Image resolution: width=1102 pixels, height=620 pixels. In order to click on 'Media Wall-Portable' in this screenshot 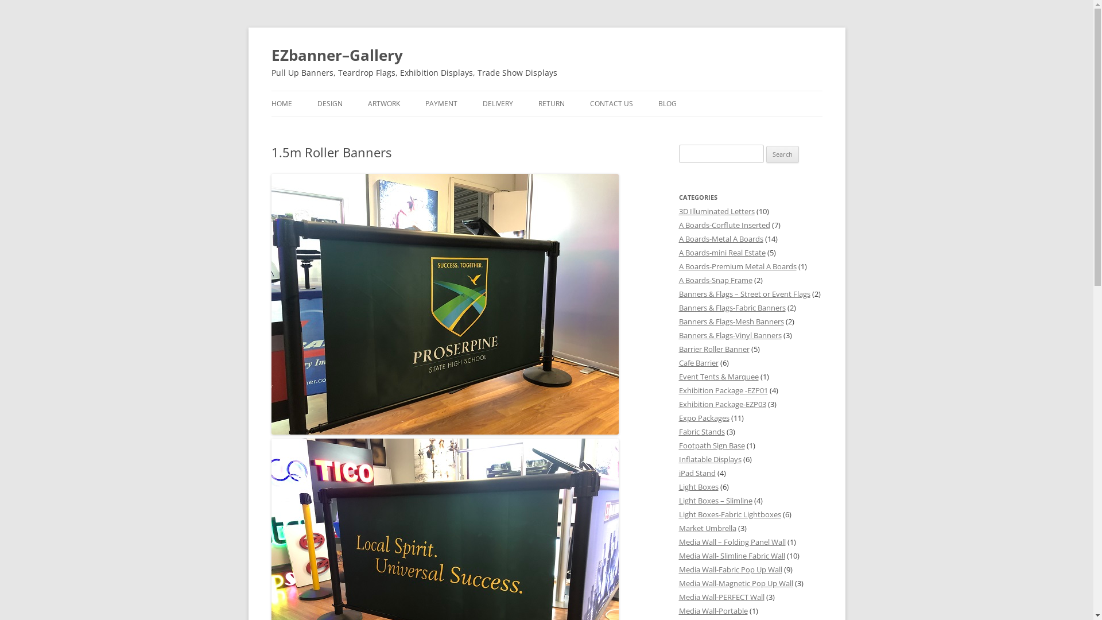, I will do `click(712, 610)`.